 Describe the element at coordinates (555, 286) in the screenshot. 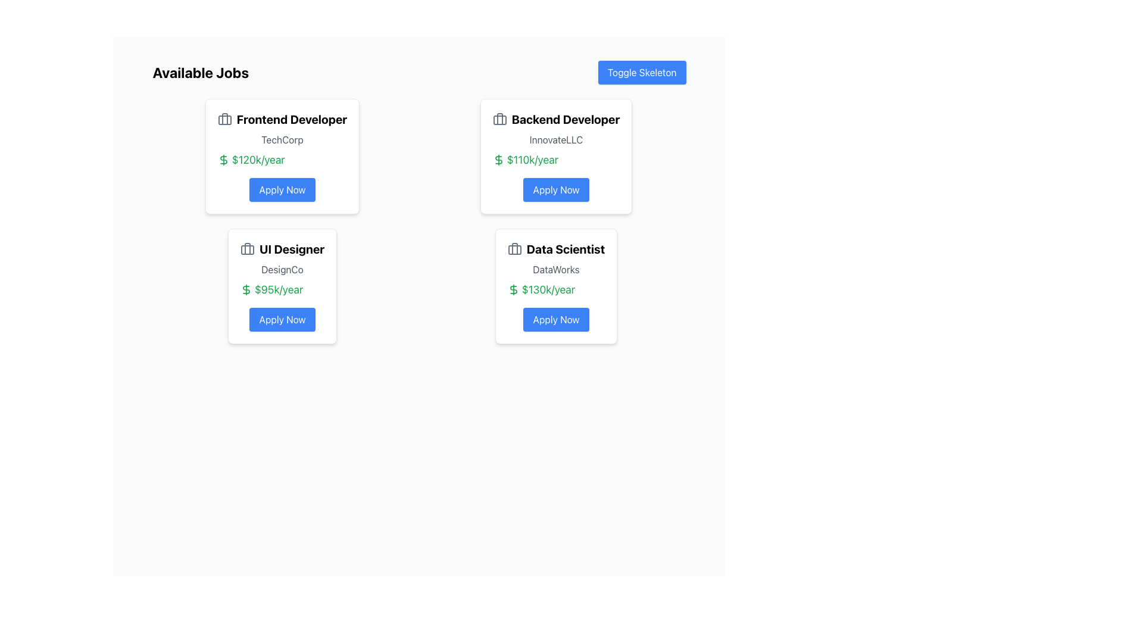

I see `the job listing card for 'Data Scientist' in the bottom-right corner of the job listings grid` at that location.